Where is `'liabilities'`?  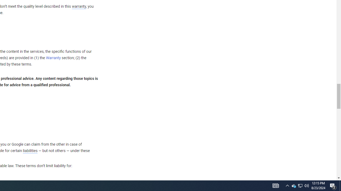 'liabilities' is located at coordinates (30, 151).